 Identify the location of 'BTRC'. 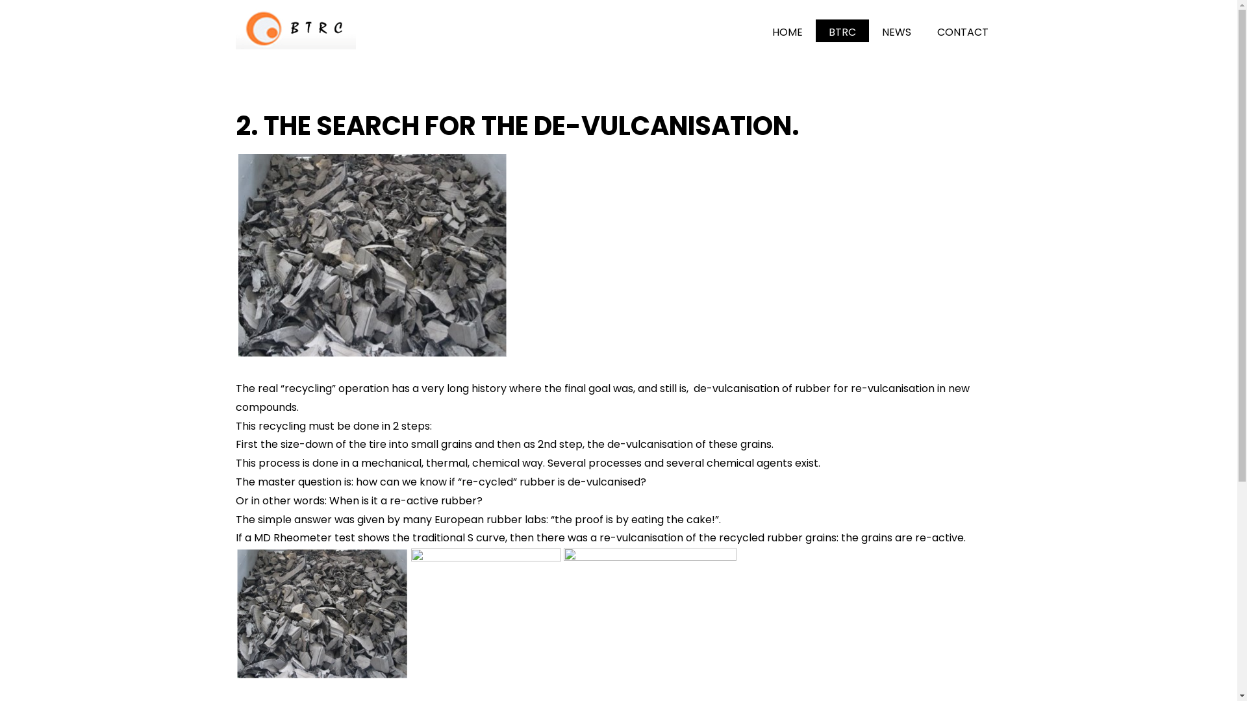
(815, 30).